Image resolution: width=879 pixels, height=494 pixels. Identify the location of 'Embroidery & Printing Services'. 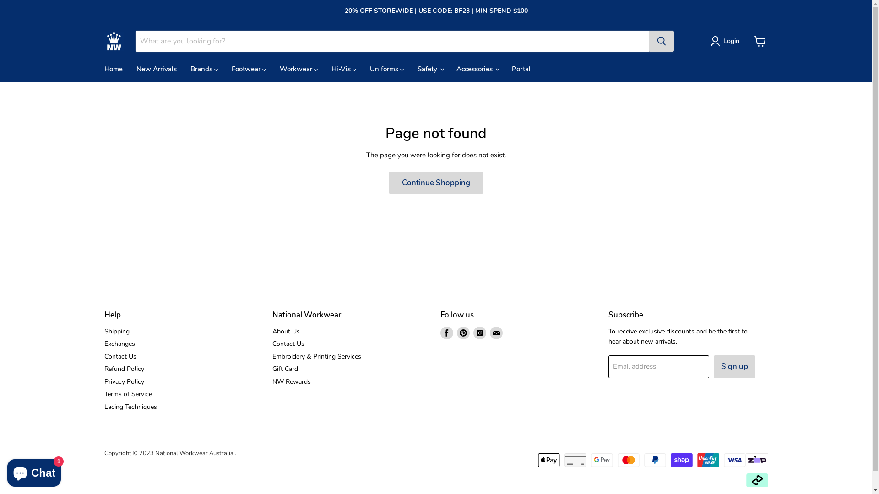
(272, 356).